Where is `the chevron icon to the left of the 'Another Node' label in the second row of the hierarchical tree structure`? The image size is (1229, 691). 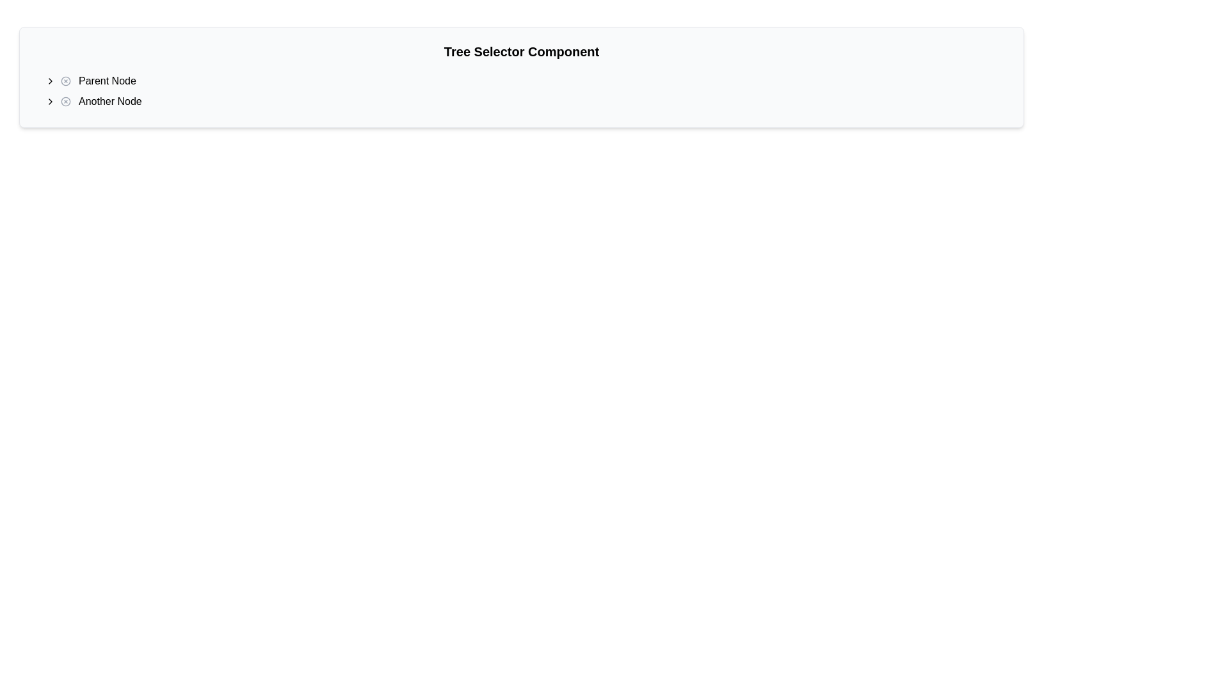 the chevron icon to the left of the 'Another Node' label in the second row of the hierarchical tree structure is located at coordinates (50, 100).